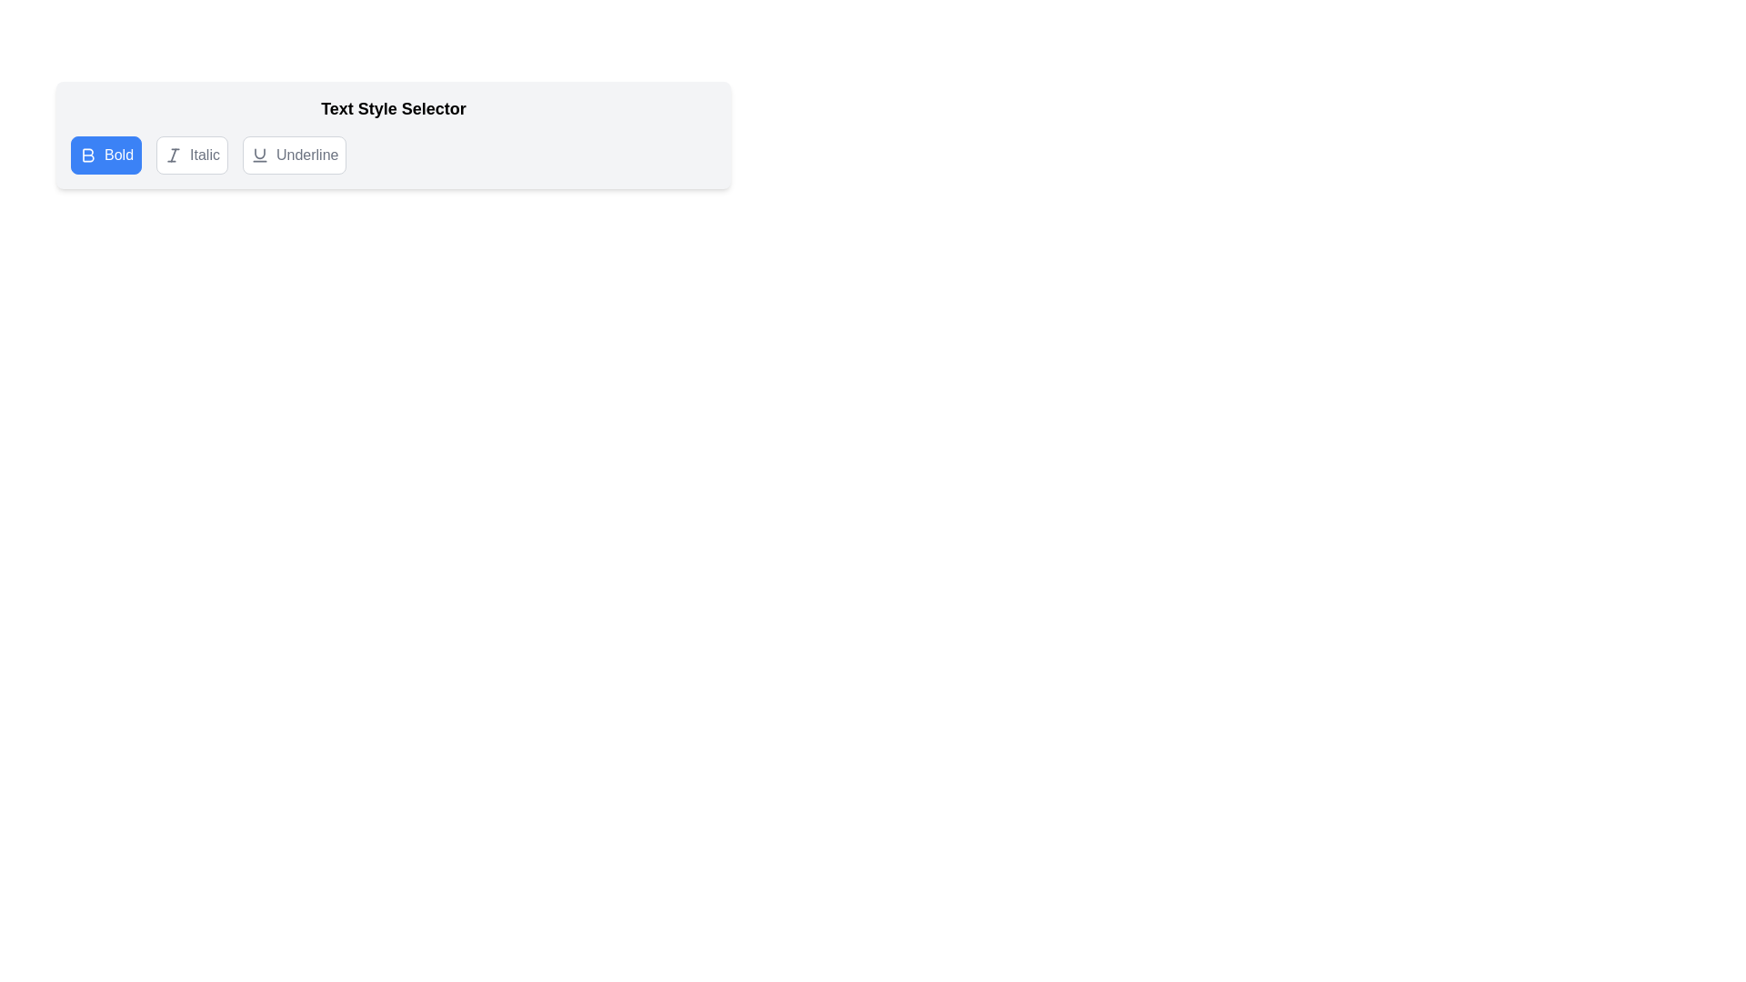 Image resolution: width=1746 pixels, height=982 pixels. What do you see at coordinates (192, 154) in the screenshot?
I see `the 'Italic' button, which has an italicized letter 'I' icon and is the second button in the 'Text Style Selector' group` at bounding box center [192, 154].